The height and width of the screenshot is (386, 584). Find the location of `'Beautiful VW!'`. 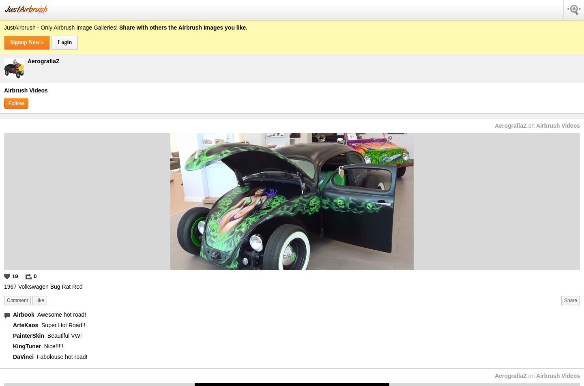

'Beautiful VW!' is located at coordinates (47, 335).